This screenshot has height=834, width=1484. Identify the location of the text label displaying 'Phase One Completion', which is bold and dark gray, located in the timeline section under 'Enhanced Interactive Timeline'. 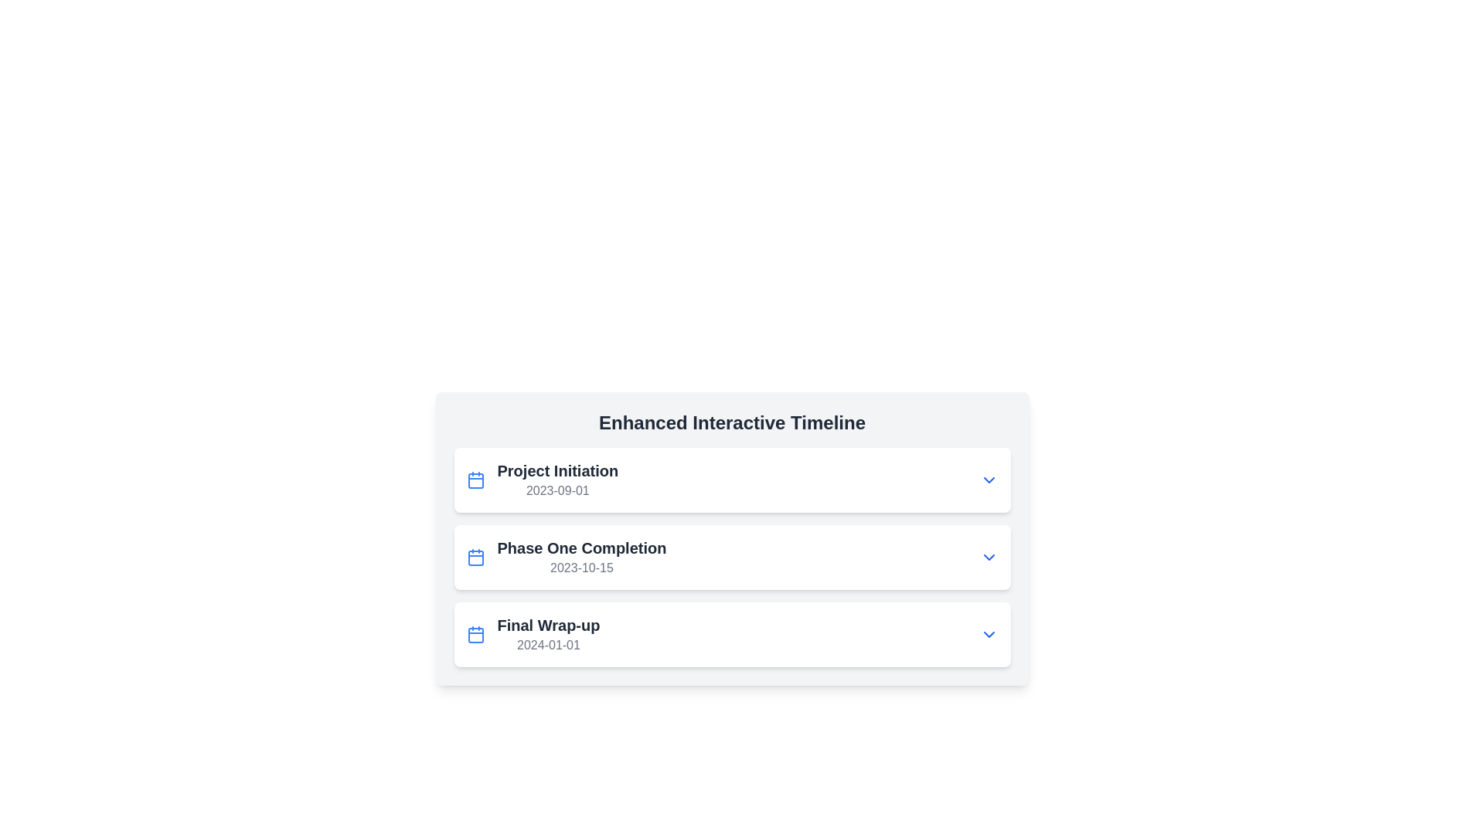
(581, 547).